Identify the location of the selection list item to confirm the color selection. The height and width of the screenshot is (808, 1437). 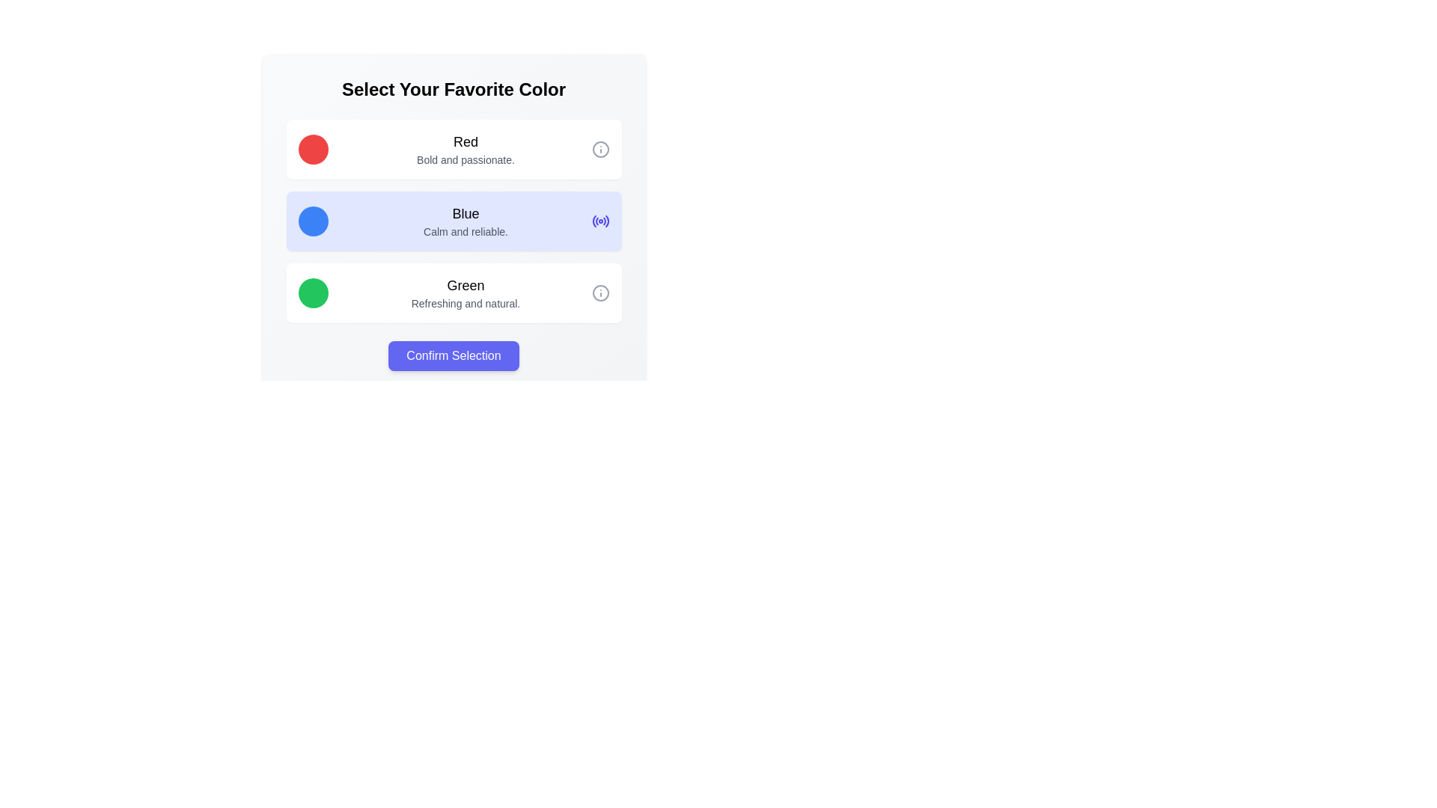
(453, 221).